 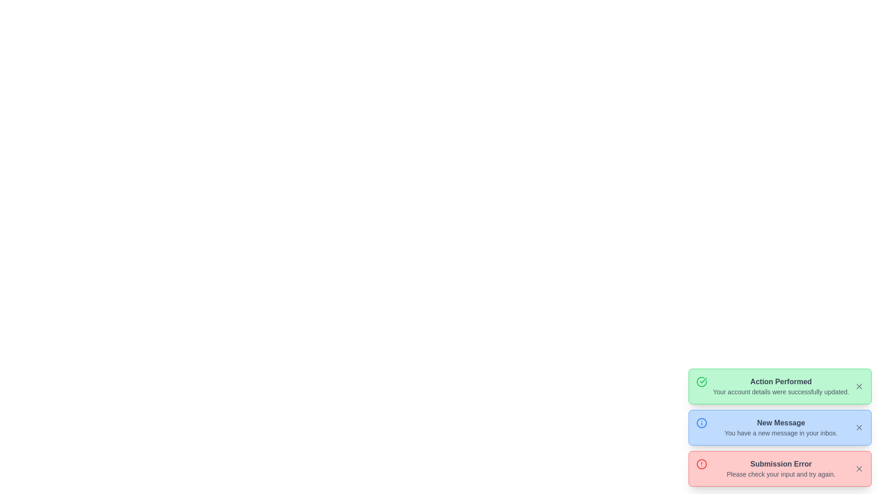 What do you see at coordinates (858, 469) in the screenshot?
I see `the dismiss button located at the far-right of the 'Submission Error' notification card` at bounding box center [858, 469].